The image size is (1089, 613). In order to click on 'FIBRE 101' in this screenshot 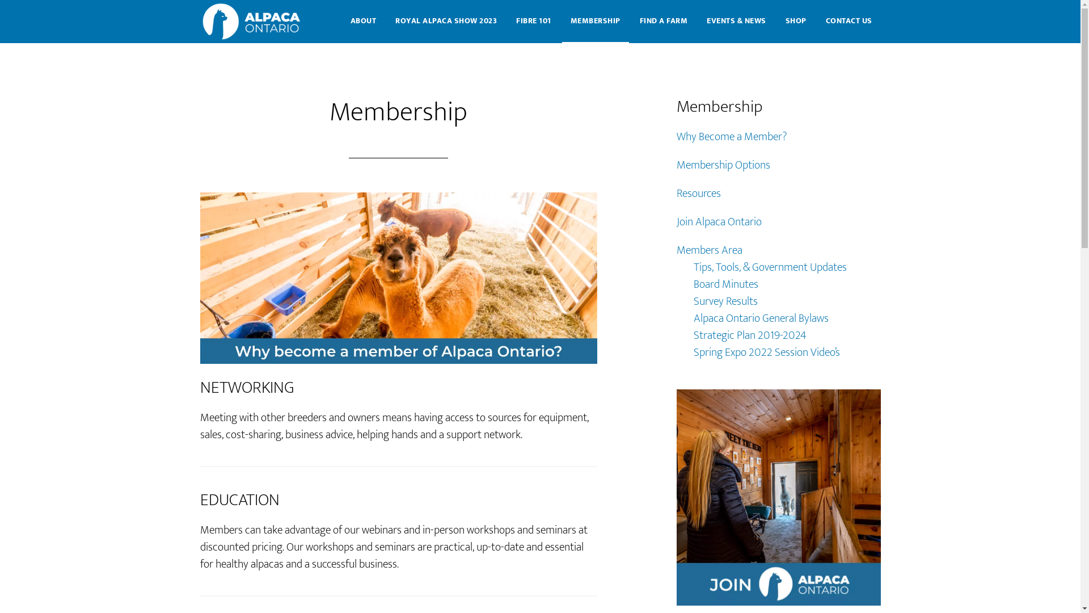, I will do `click(533, 22)`.